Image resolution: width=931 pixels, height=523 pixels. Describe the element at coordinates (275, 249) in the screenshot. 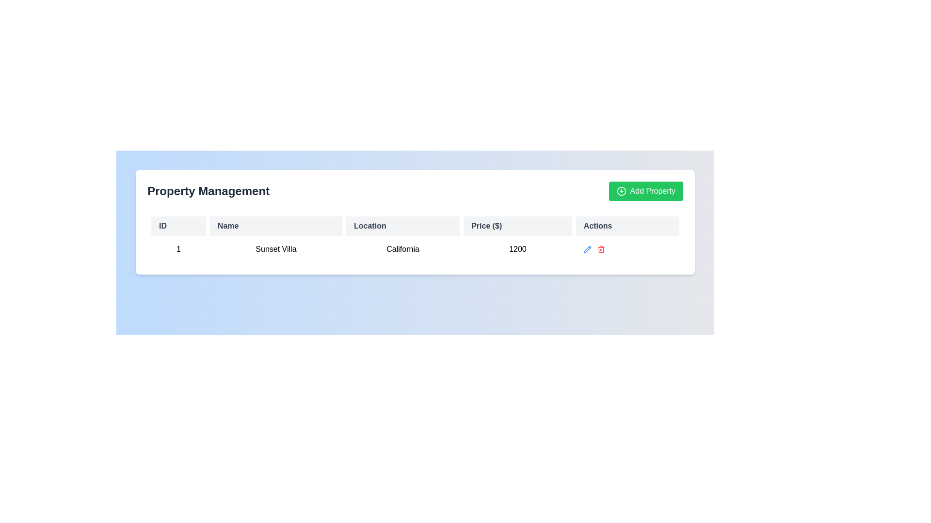

I see `the text 'Sunset Villa' located under the 'Name' column in the second row of the table` at that location.